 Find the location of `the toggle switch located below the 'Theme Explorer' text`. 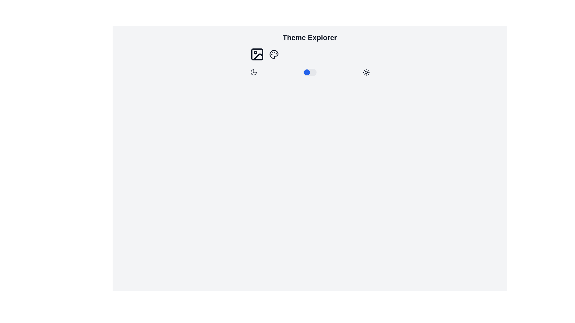

the toggle switch located below the 'Theme Explorer' text is located at coordinates (310, 72).